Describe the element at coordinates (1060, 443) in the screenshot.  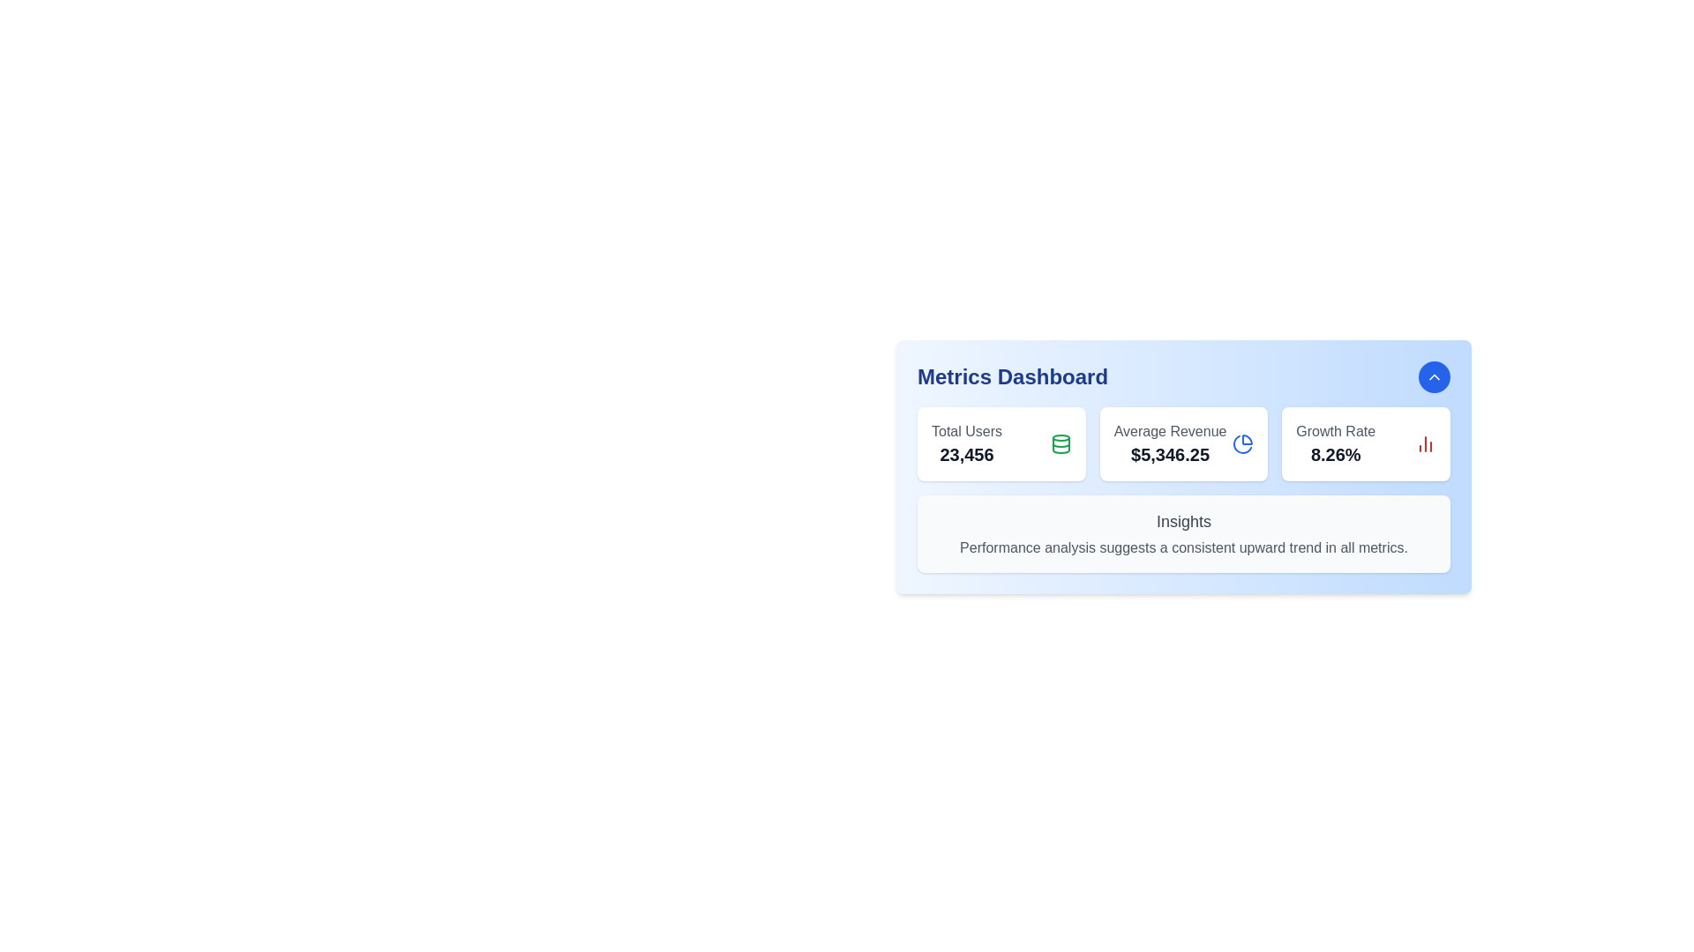
I see `the database icon representing the 'Total Users' metric to focus on it` at that location.